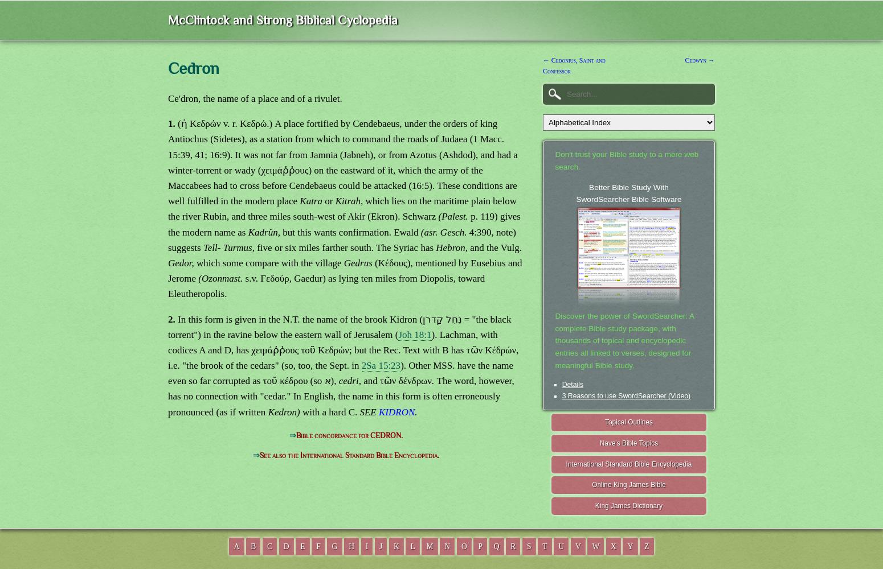  Describe the element at coordinates (430, 545) in the screenshot. I see `'M'` at that location.